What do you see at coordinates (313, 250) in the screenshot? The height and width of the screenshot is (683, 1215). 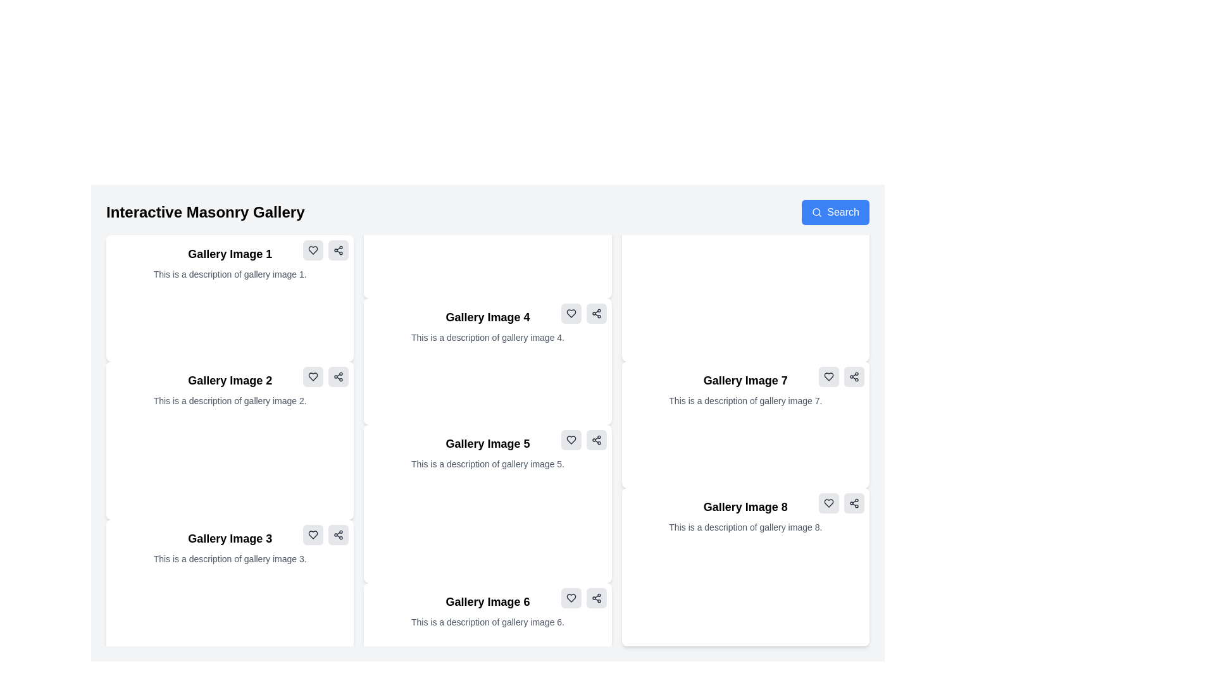 I see `the heart-shaped icon located in the light gray circular background at the top-right corner of the card labeled 'Gallery Image 1' to like the item` at bounding box center [313, 250].